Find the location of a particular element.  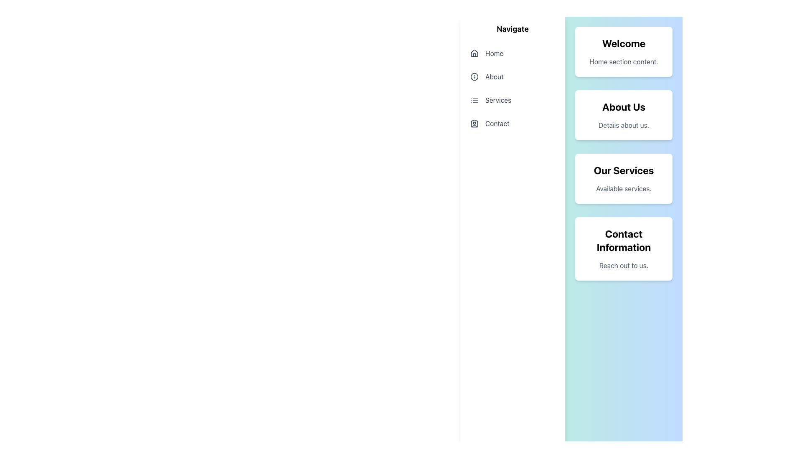

the Content card that provides information for the 'Services' section, located as the third card from the top among four cards in the main content panel is located at coordinates (624, 178).